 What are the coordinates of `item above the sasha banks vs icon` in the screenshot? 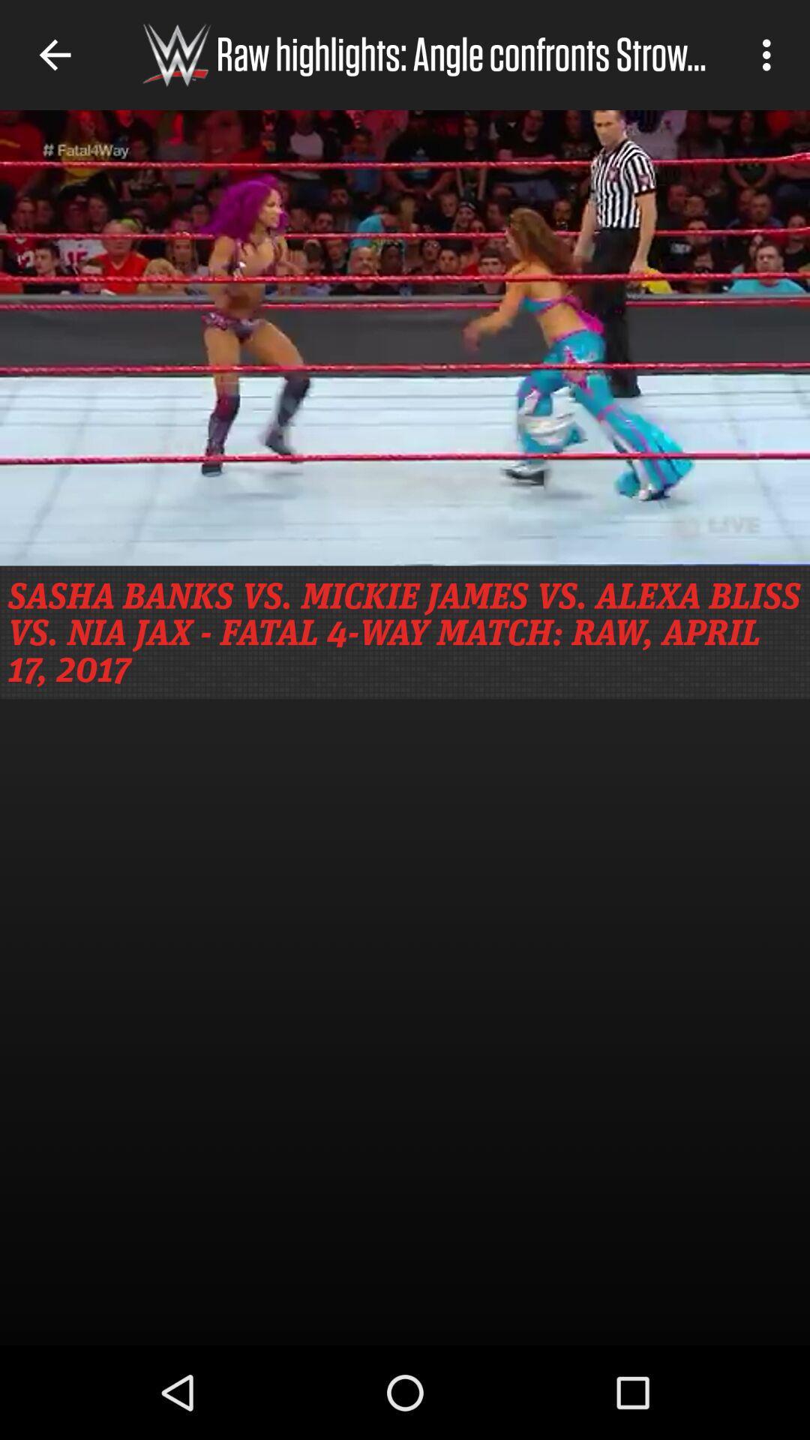 It's located at (405, 337).